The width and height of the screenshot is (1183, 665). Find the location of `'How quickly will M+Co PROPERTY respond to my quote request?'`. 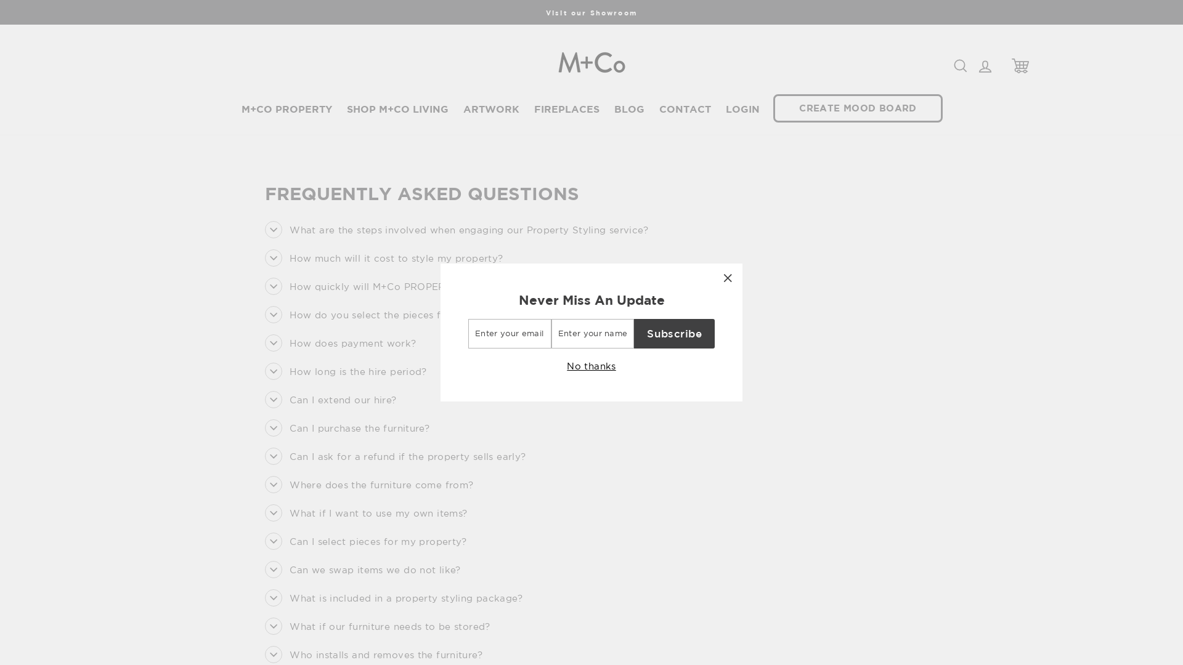

'How quickly will M+Co PROPERTY respond to my quote request?' is located at coordinates (437, 286).